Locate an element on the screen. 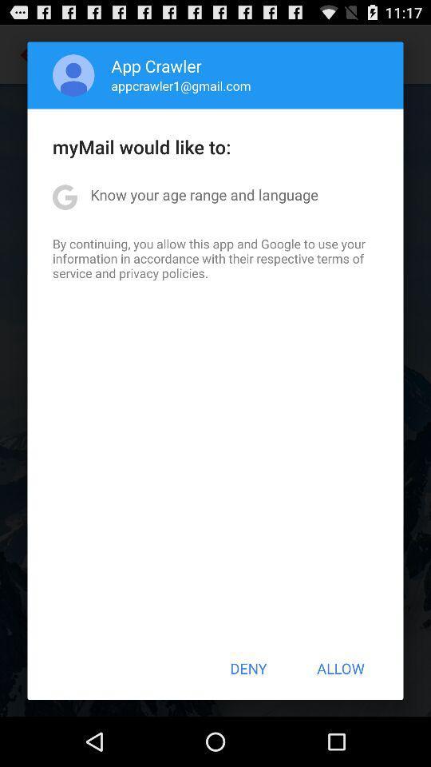  app above appcrawler1@gmail.com is located at coordinates (156, 66).